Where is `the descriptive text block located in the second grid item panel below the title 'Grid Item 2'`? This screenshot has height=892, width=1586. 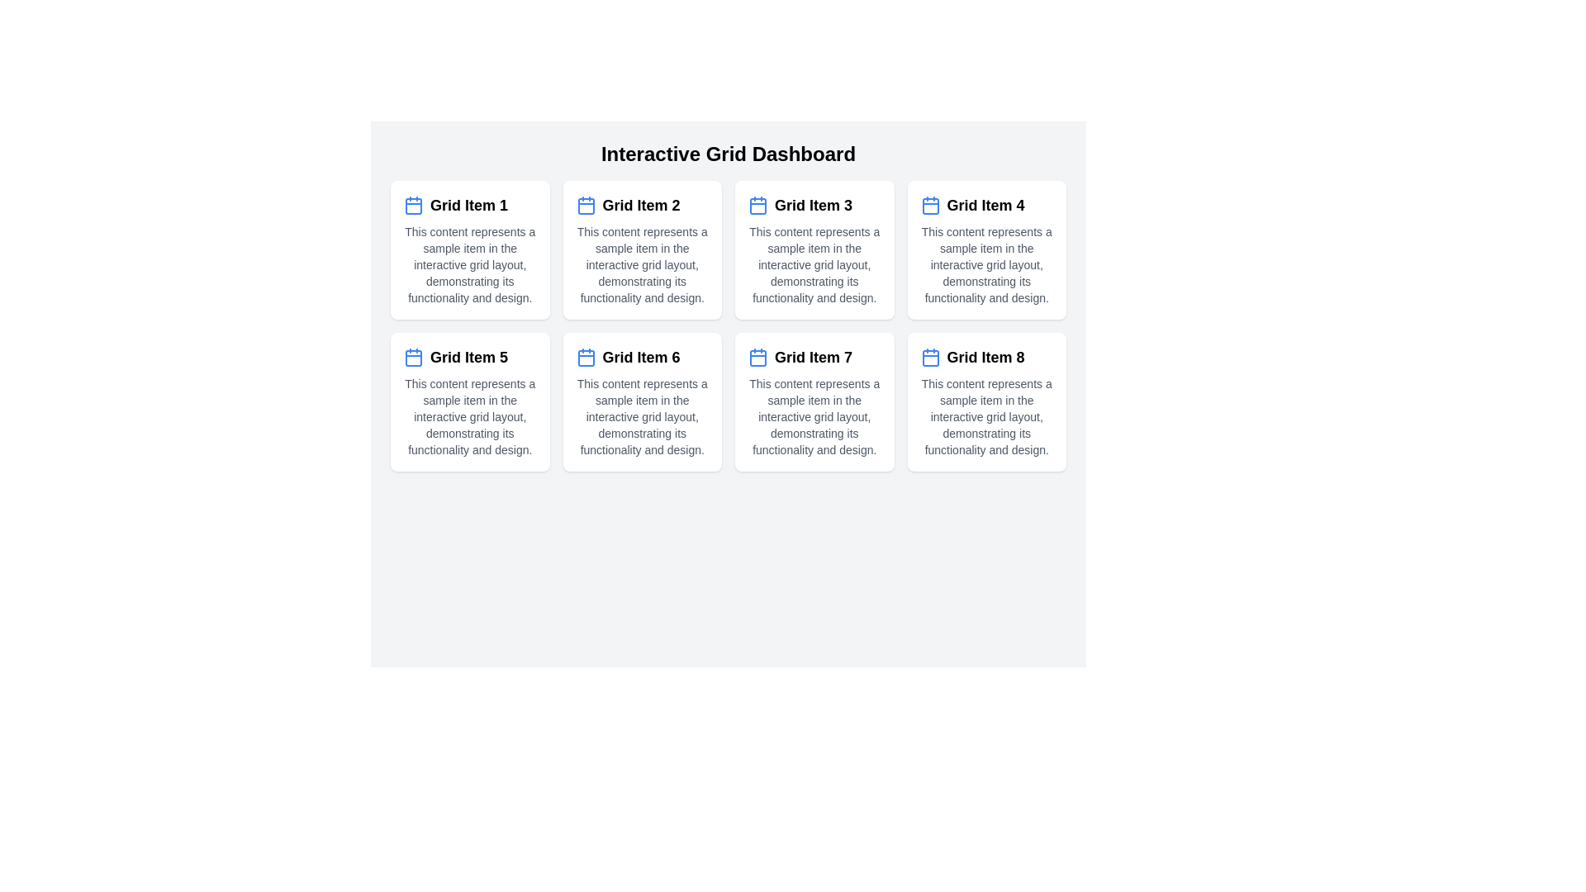
the descriptive text block located in the second grid item panel below the title 'Grid Item 2' is located at coordinates (641, 263).